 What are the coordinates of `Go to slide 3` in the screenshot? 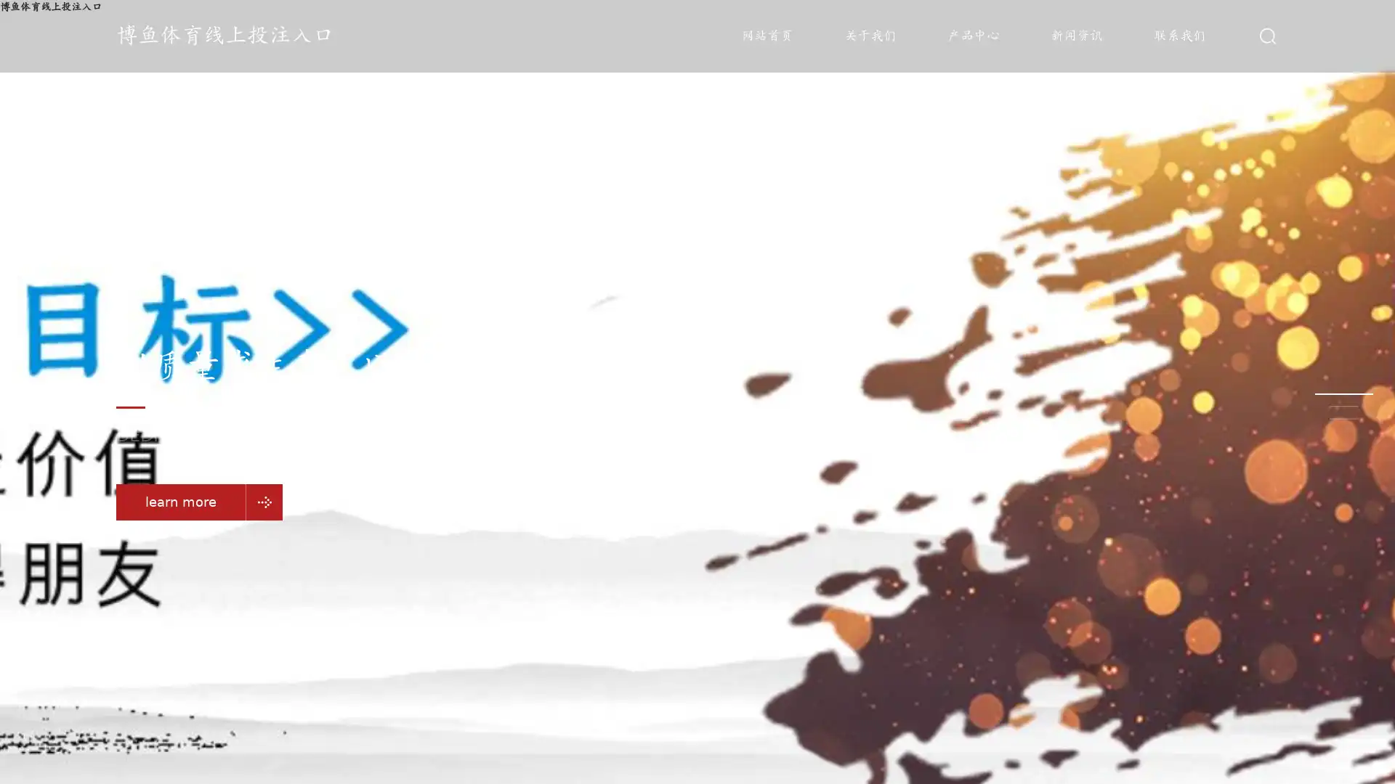 It's located at (1343, 419).